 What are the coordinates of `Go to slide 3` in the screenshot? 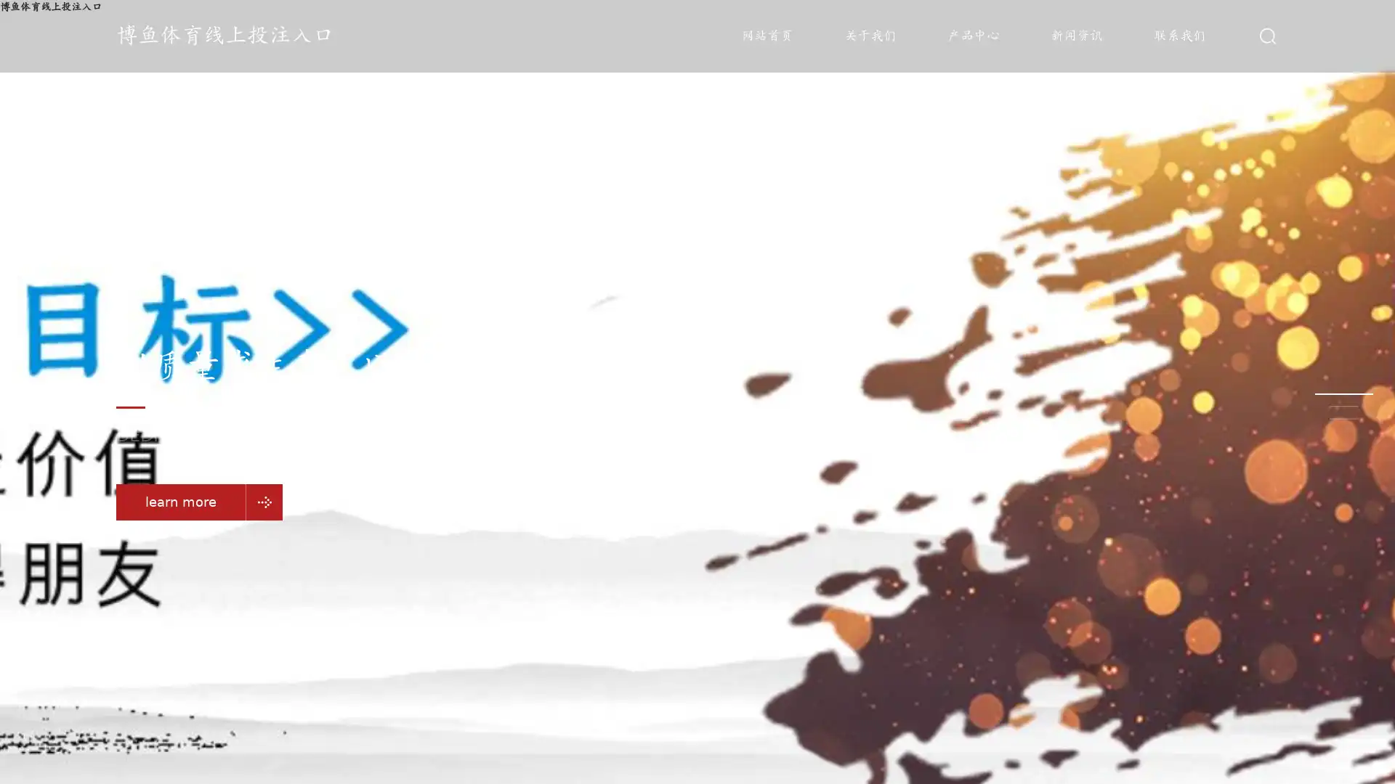 It's located at (1343, 419).